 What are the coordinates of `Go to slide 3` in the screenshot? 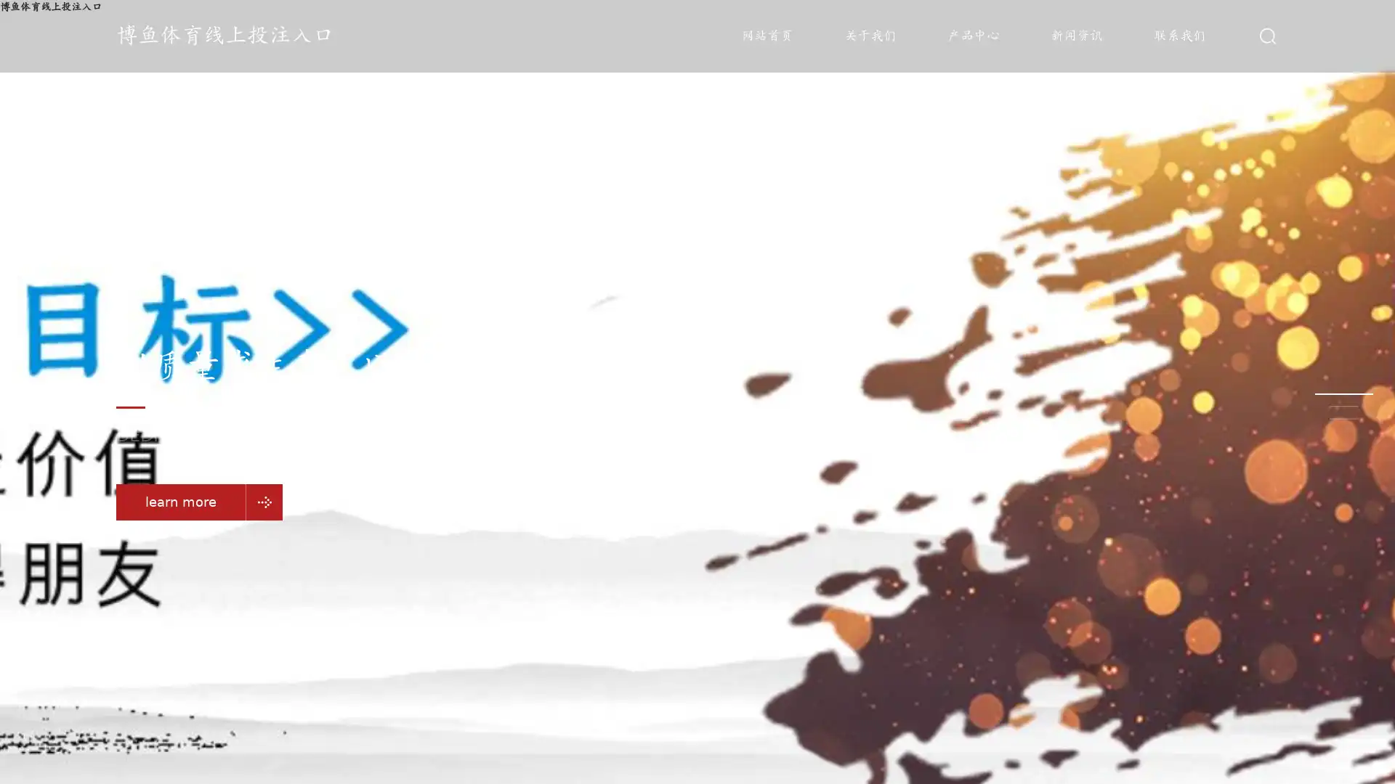 It's located at (1343, 419).